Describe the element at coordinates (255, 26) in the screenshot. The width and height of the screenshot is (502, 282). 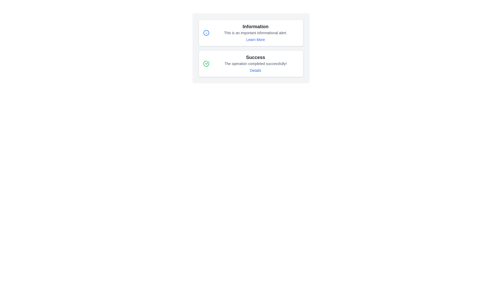
I see `the Text label that serves as the title for the informational alert, located above the description 'This is an important informational alert.' and the 'Learn More' link` at that location.